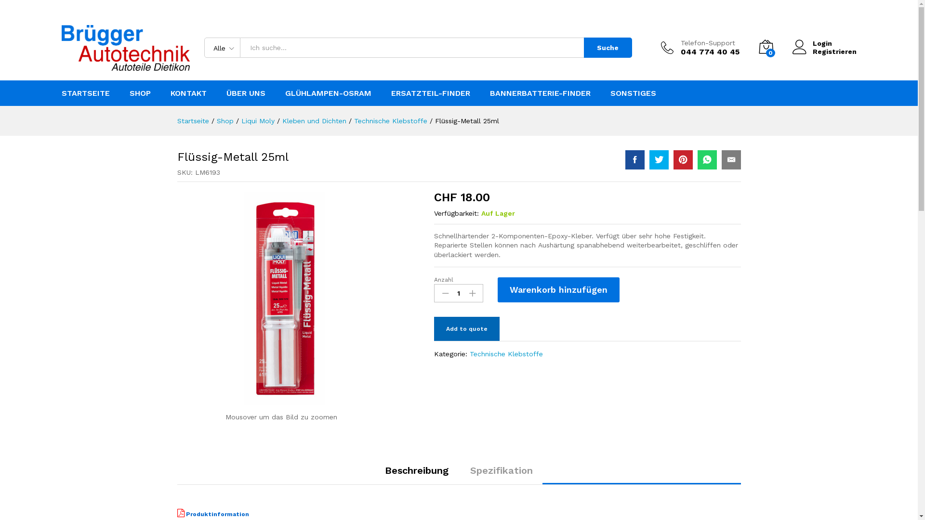 This screenshot has height=520, width=925. Describe the element at coordinates (384, 469) in the screenshot. I see `'Beschreibung'` at that location.